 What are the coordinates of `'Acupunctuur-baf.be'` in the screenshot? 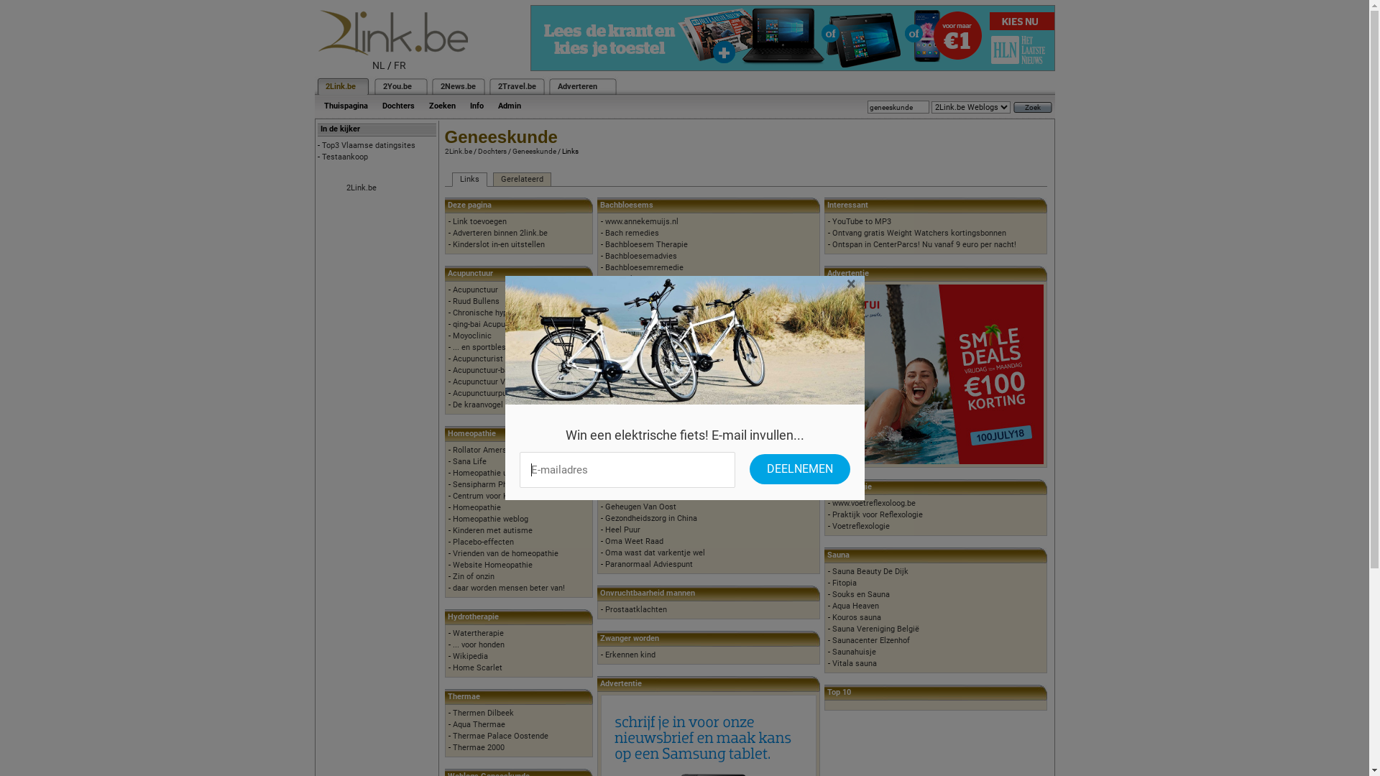 It's located at (487, 369).